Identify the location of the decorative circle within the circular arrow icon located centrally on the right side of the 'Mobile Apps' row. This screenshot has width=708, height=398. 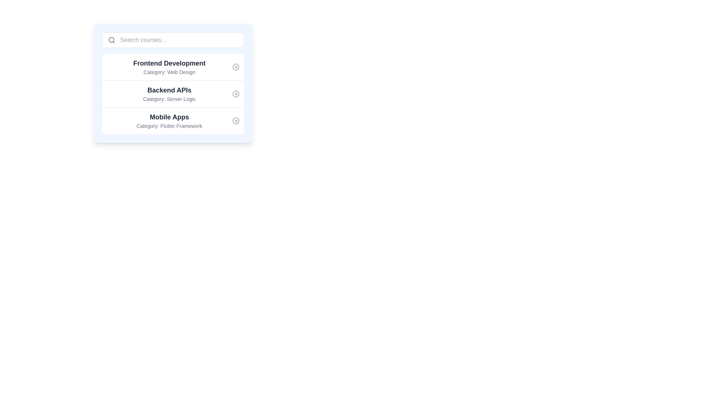
(235, 120).